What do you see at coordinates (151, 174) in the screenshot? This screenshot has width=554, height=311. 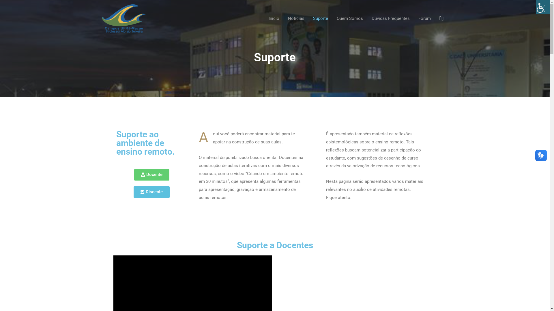 I see `'Docente'` at bounding box center [151, 174].